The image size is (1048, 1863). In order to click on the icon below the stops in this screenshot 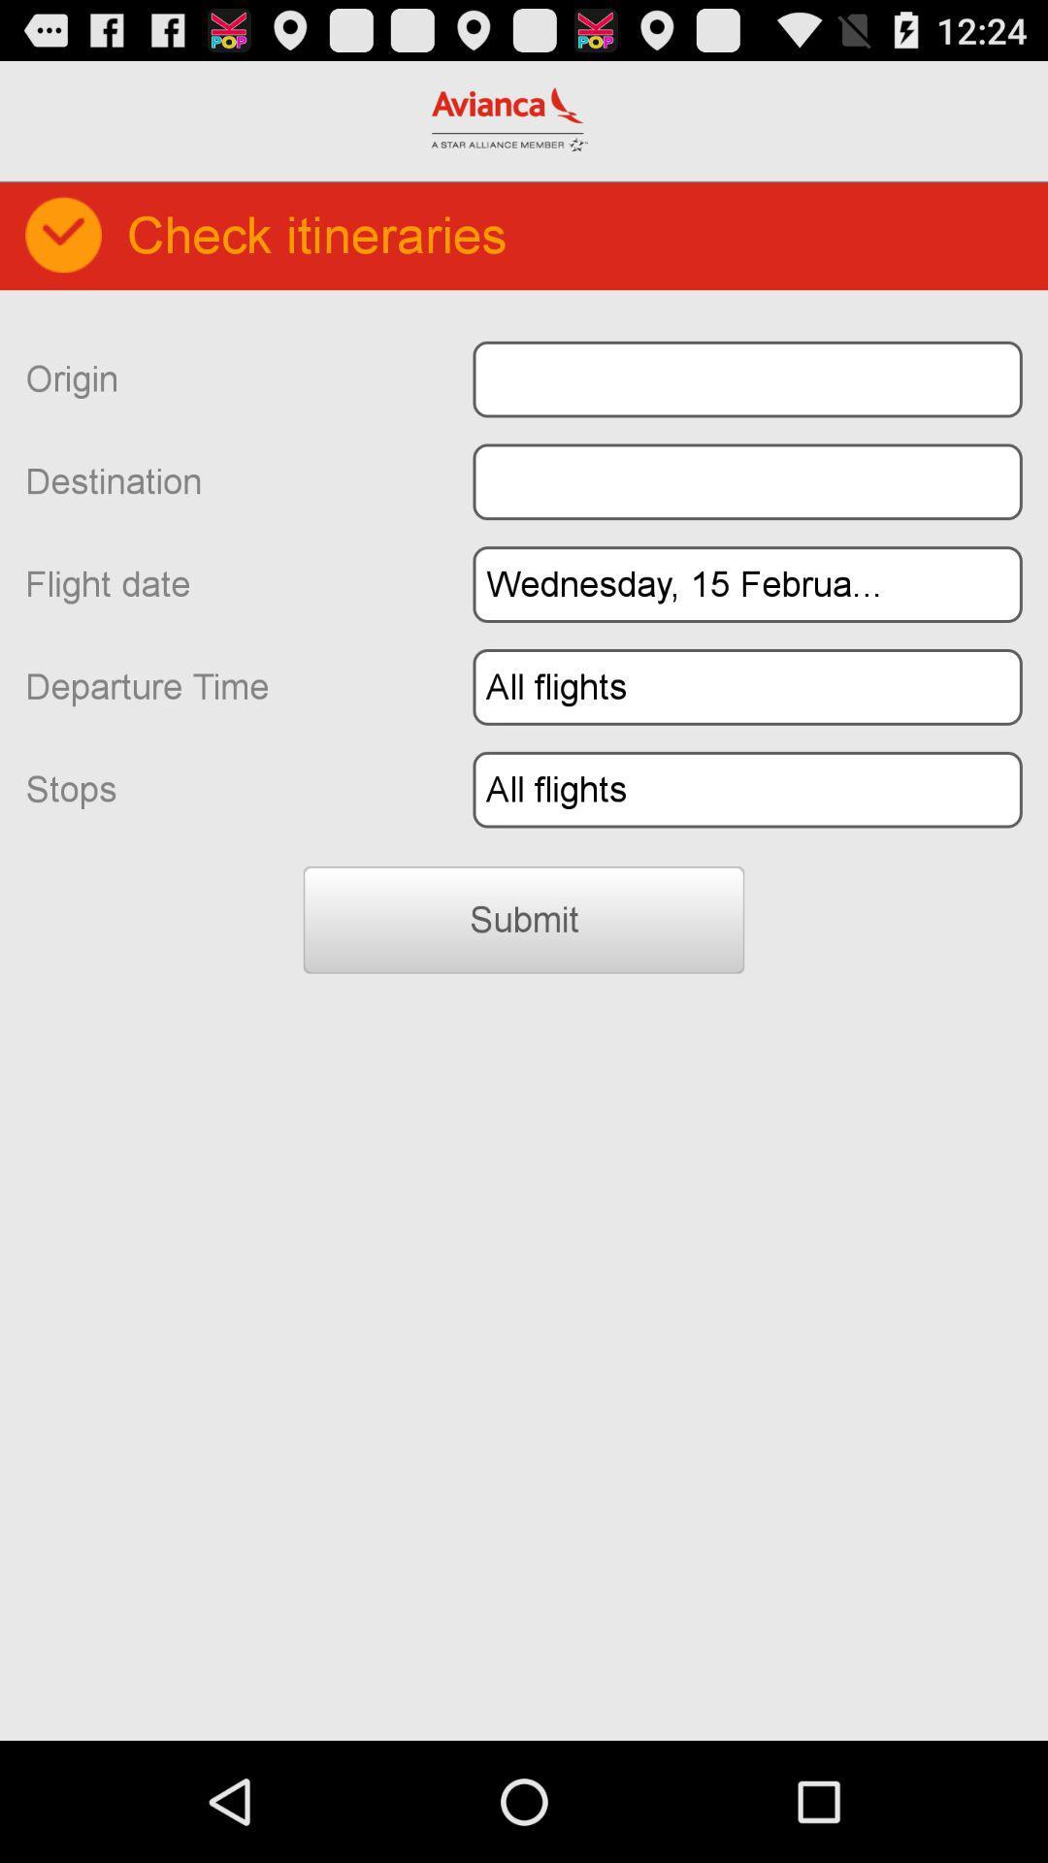, I will do `click(524, 919)`.